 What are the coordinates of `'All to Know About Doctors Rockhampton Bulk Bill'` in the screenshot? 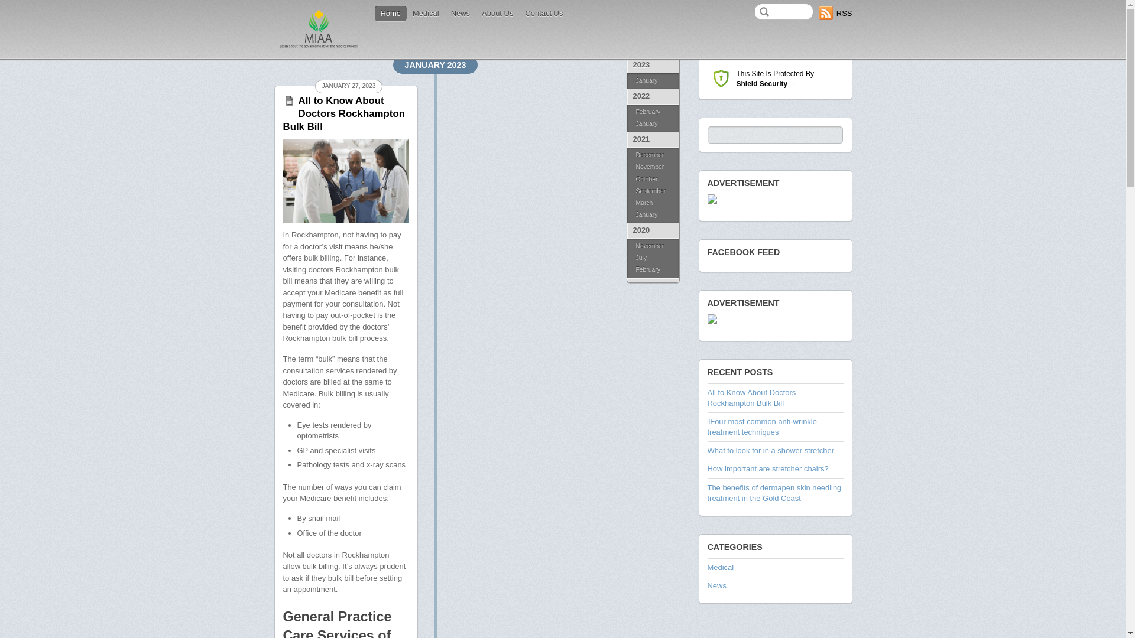 It's located at (342, 113).